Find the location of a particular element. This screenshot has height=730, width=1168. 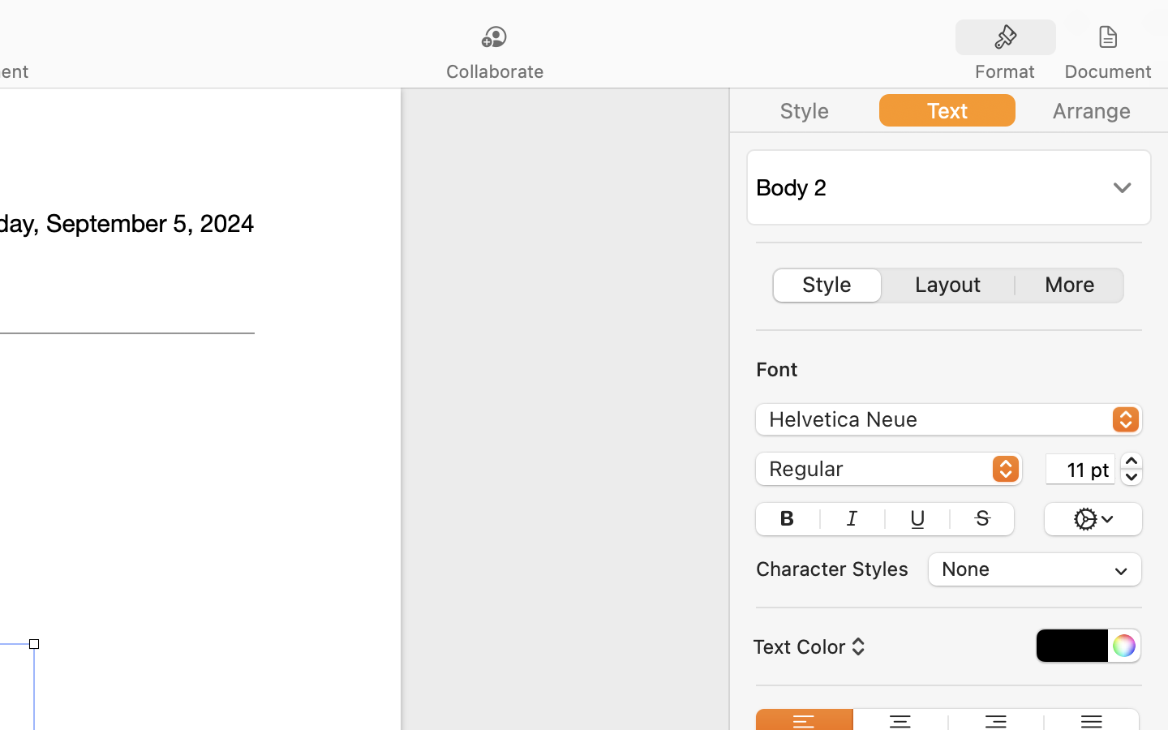

'11.0' is located at coordinates (1131, 468).